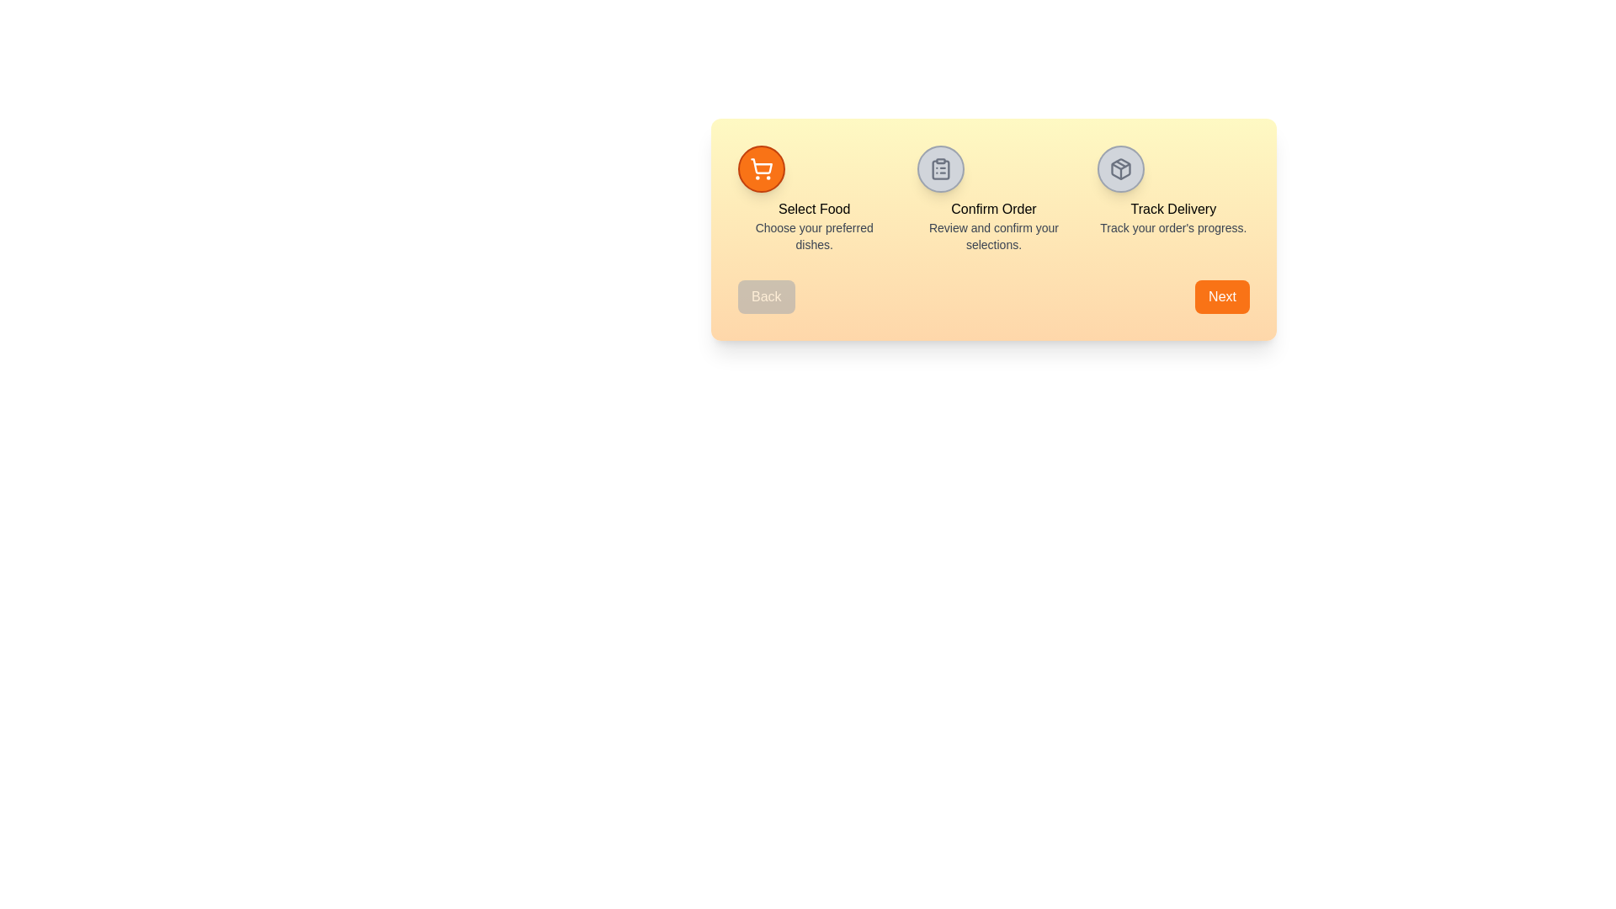 This screenshot has width=1616, height=909. Describe the element at coordinates (940, 168) in the screenshot. I see `the step Confirm Order to explore its details` at that location.